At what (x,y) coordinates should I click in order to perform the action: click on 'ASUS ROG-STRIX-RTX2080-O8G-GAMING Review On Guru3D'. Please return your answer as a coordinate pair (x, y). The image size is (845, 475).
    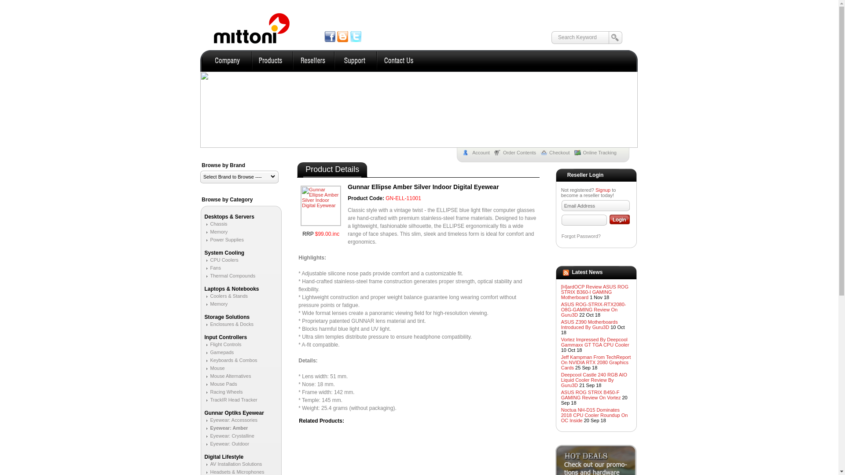
    Looking at the image, I should click on (593, 309).